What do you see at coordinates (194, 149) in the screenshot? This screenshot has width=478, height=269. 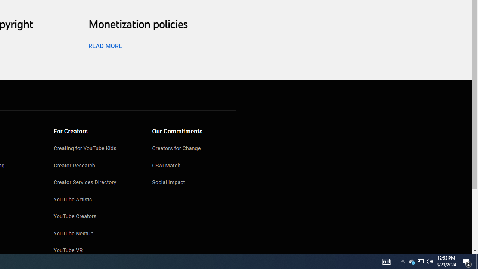 I see `'Creators for Change'` at bounding box center [194, 149].